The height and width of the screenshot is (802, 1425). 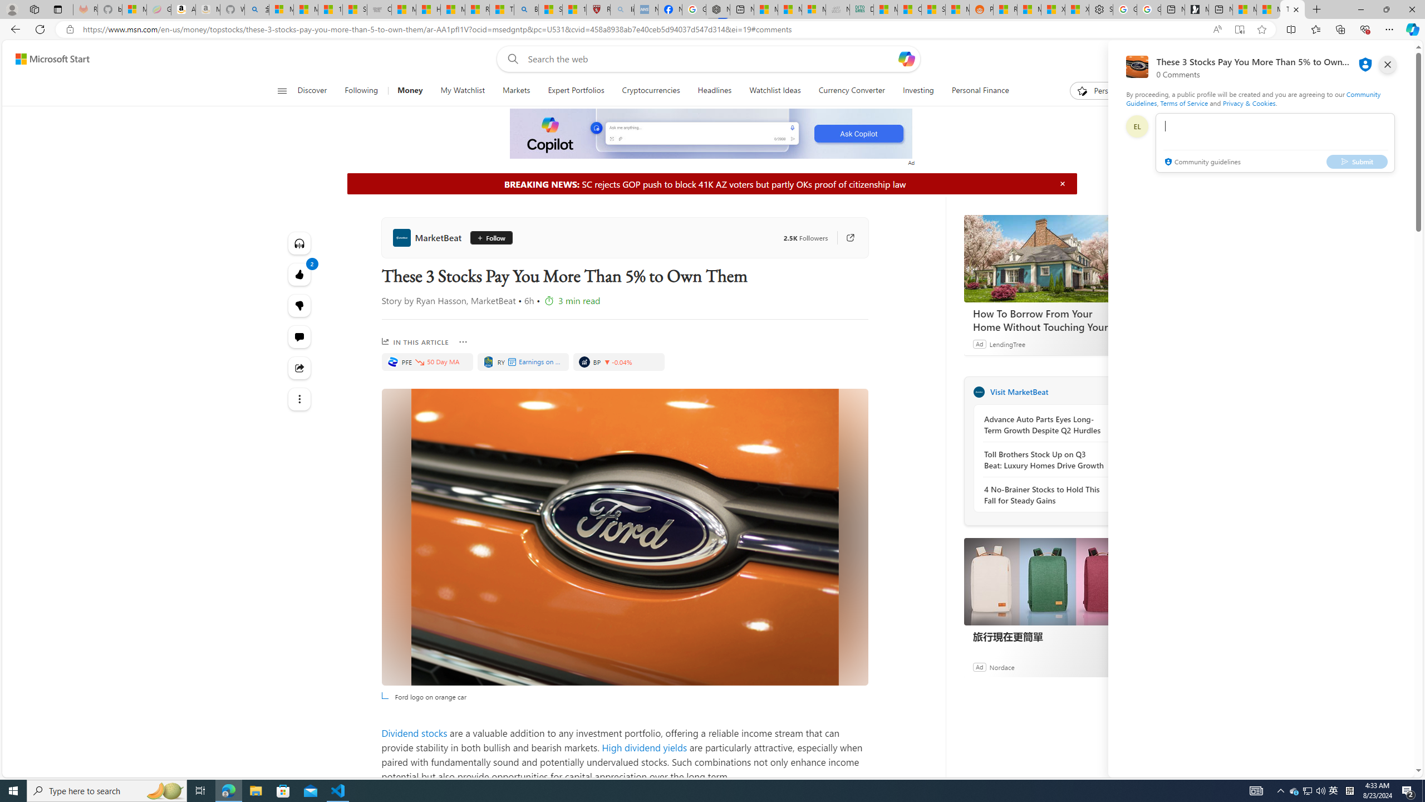 What do you see at coordinates (975, 90) in the screenshot?
I see `'Personal Finance'` at bounding box center [975, 90].